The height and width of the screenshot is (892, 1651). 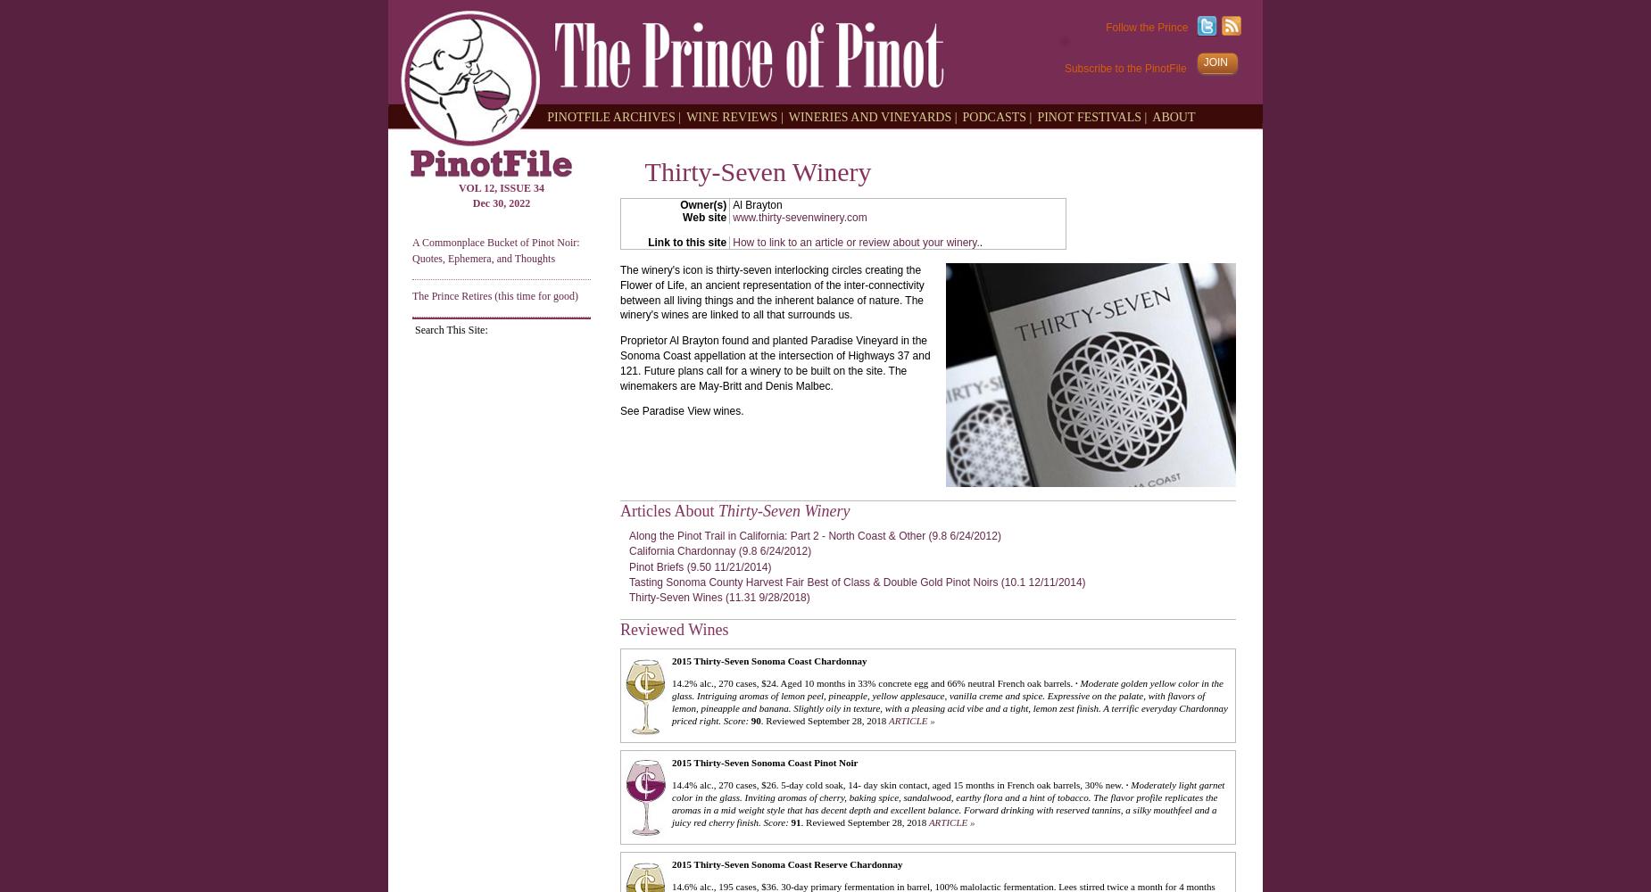 I want to click on 'Proprietor Al Brayton found and planted Paradise Vineyard in the Sonoma Coast appellation at the intersection of Highways 37 and 121.  Future plans call for a winery to be built on the site.  The winemakers are May-Britt and Denis Malbec.', so click(x=775, y=363).